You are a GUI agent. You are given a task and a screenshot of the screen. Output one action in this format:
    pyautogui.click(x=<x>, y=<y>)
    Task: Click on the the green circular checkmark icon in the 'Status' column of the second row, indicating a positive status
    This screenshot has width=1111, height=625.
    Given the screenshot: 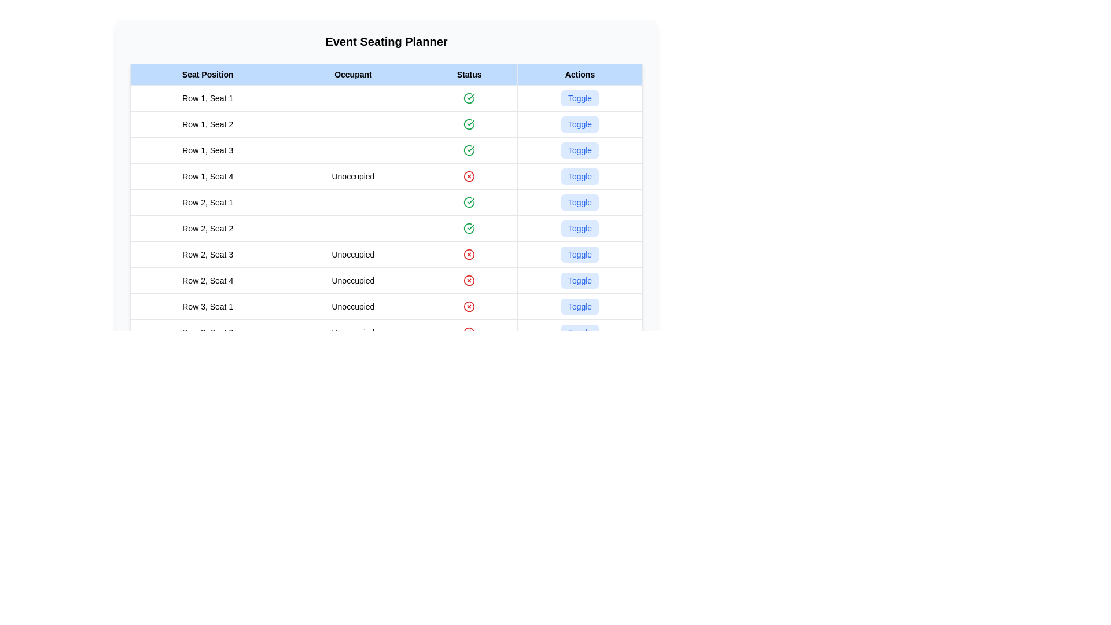 What is the action you would take?
    pyautogui.click(x=469, y=124)
    